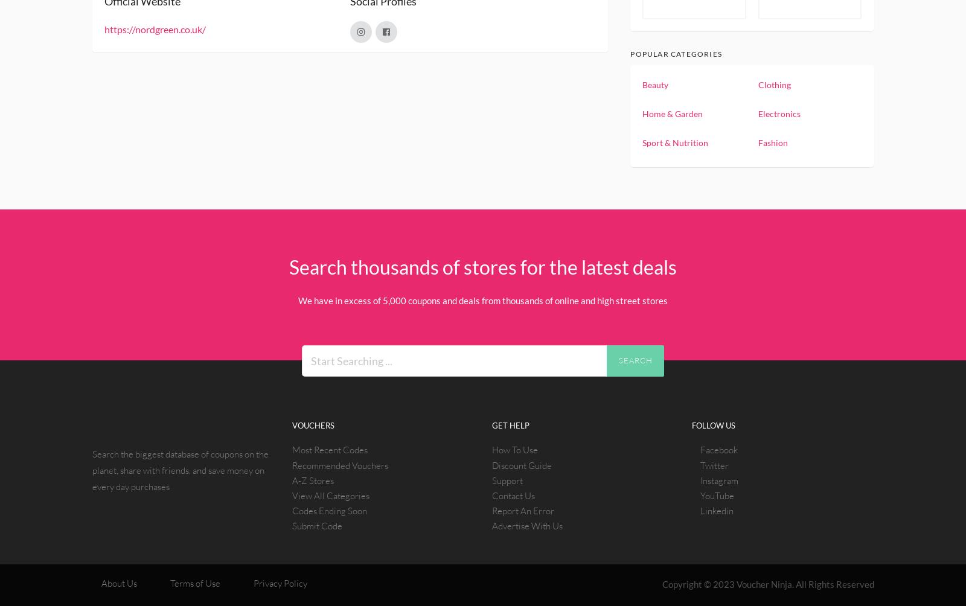 The height and width of the screenshot is (606, 966). I want to click on 'About Us', so click(118, 582).